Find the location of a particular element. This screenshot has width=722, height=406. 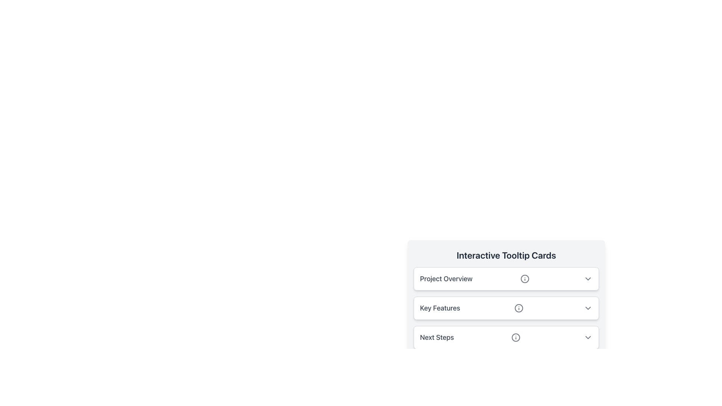

the downward pointing chevron icon in gray located at the far right of the 'Project Overview' row is located at coordinates (588, 279).